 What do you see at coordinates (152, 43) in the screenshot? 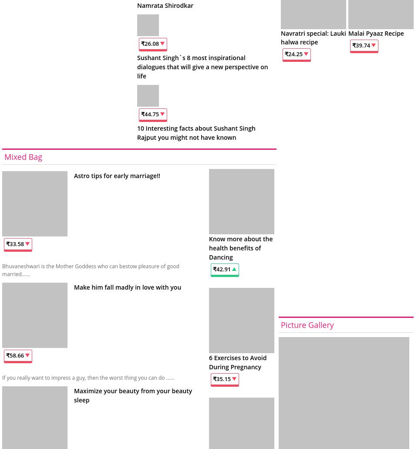
I see `'26.07'` at bounding box center [152, 43].